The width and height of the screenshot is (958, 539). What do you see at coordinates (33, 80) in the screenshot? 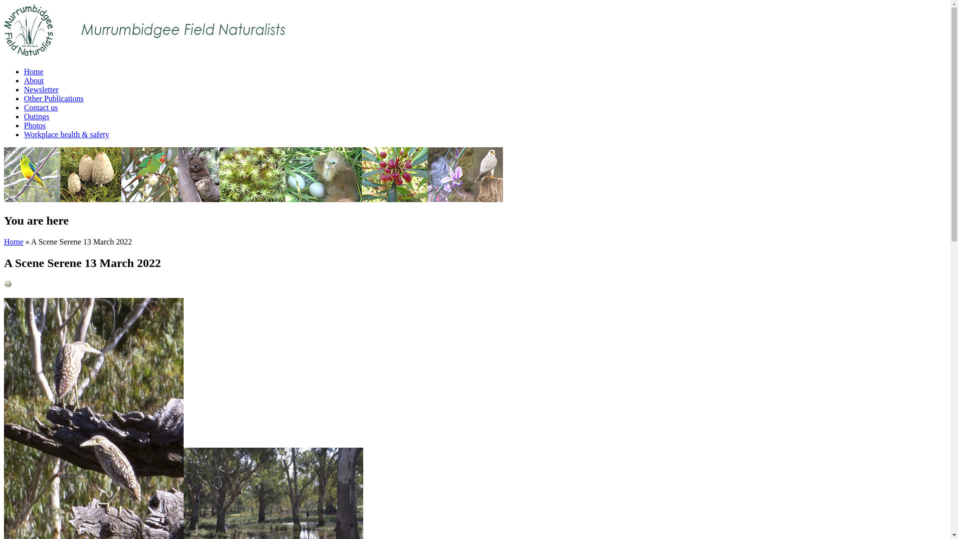
I see `'About'` at bounding box center [33, 80].